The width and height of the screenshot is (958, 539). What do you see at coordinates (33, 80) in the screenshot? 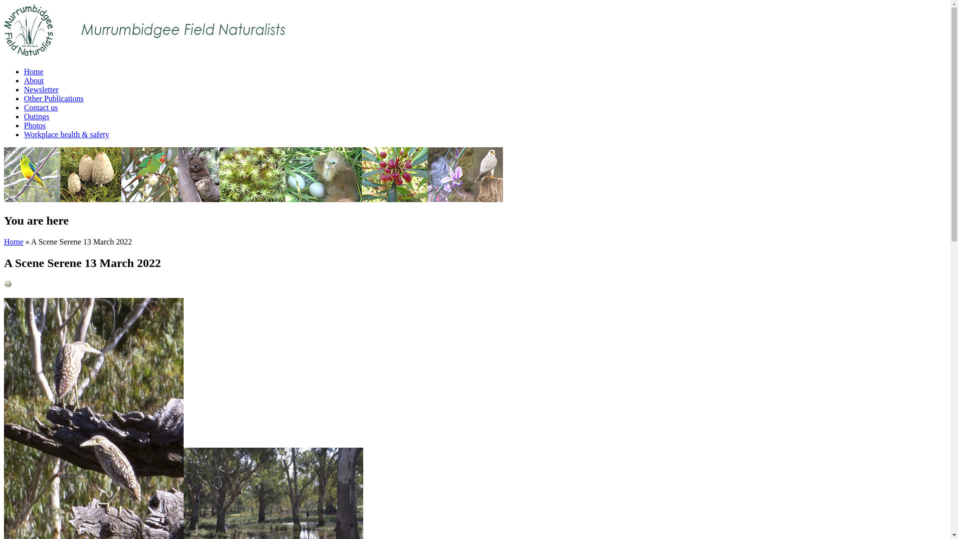
I see `'About'` at bounding box center [33, 80].